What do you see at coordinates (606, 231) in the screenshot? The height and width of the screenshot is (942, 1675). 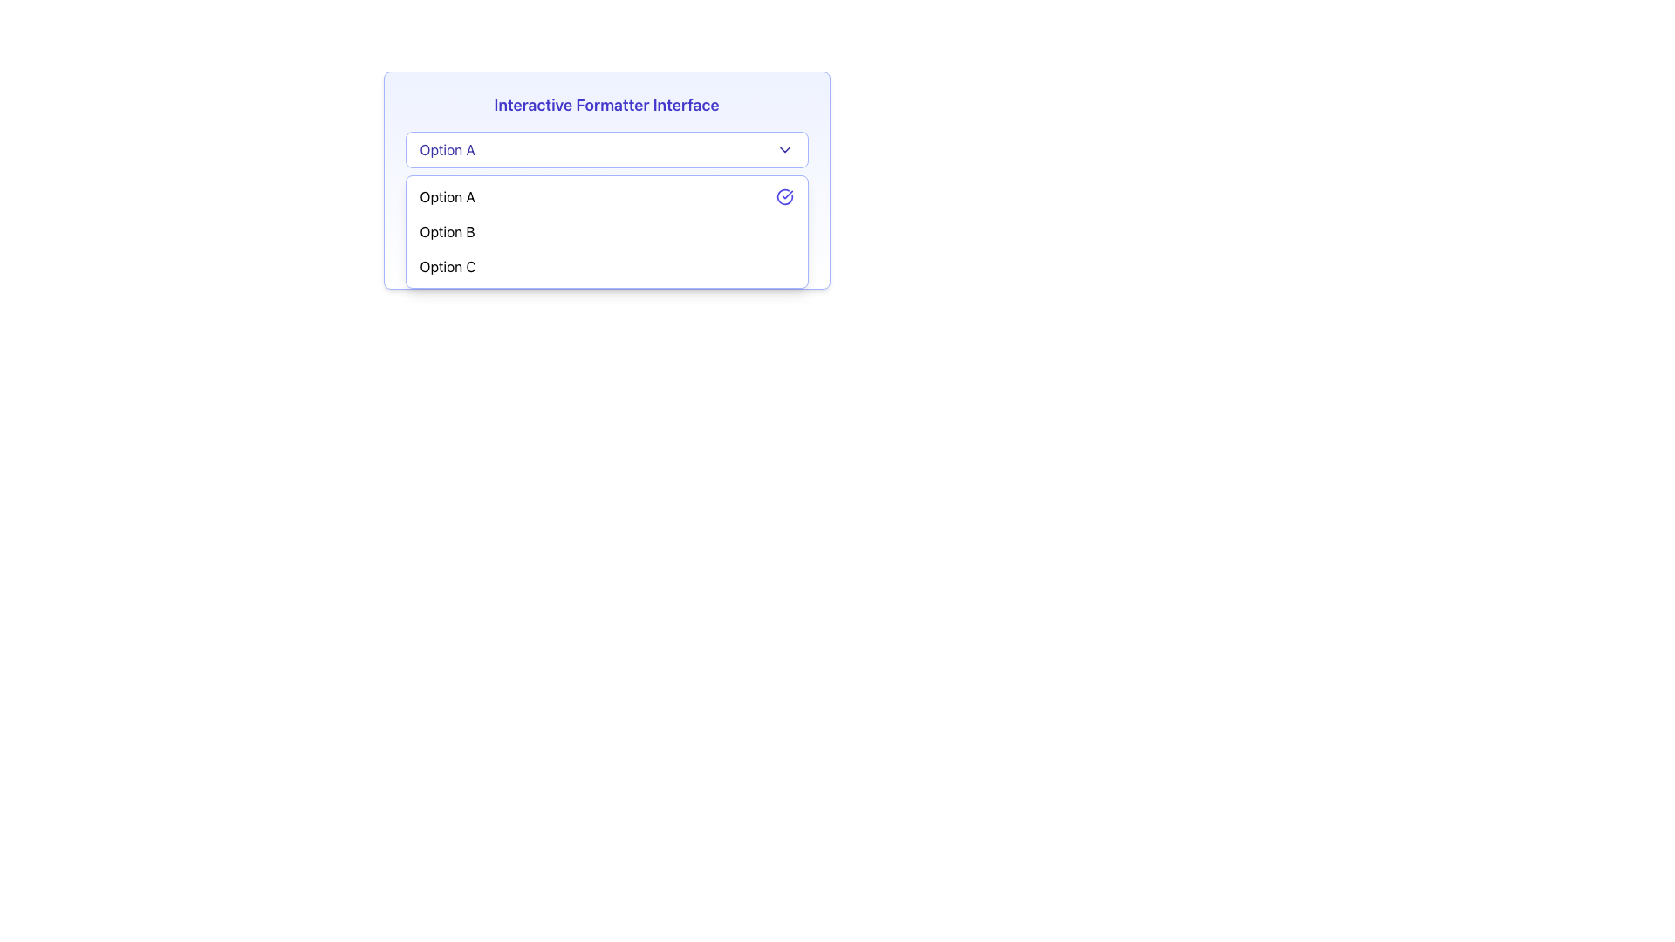 I see `the second item in the dropdown menu labeled 'Option B'` at bounding box center [606, 231].